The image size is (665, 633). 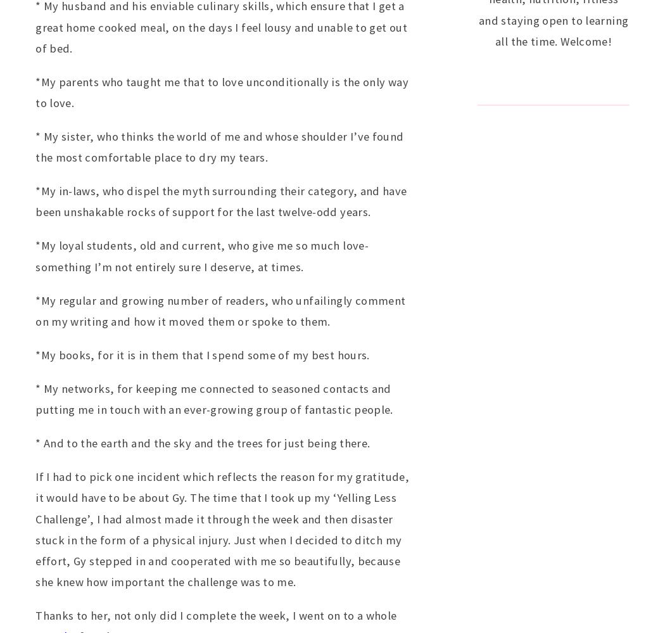 What do you see at coordinates (215, 614) in the screenshot?
I see `'Thanks to her, not only did I complete the week, I went on to a whole'` at bounding box center [215, 614].